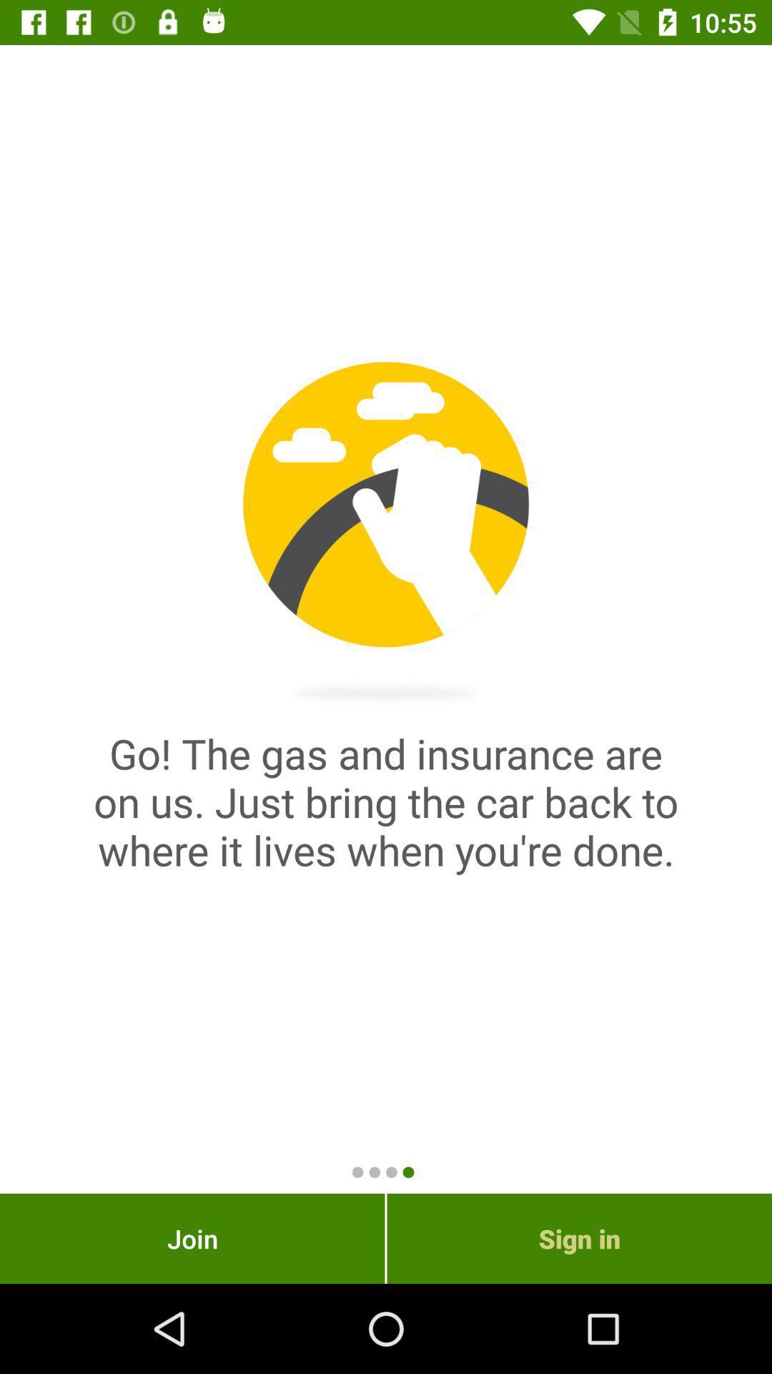 The image size is (772, 1374). Describe the element at coordinates (192, 1238) in the screenshot. I see `the icon next to sign in item` at that location.